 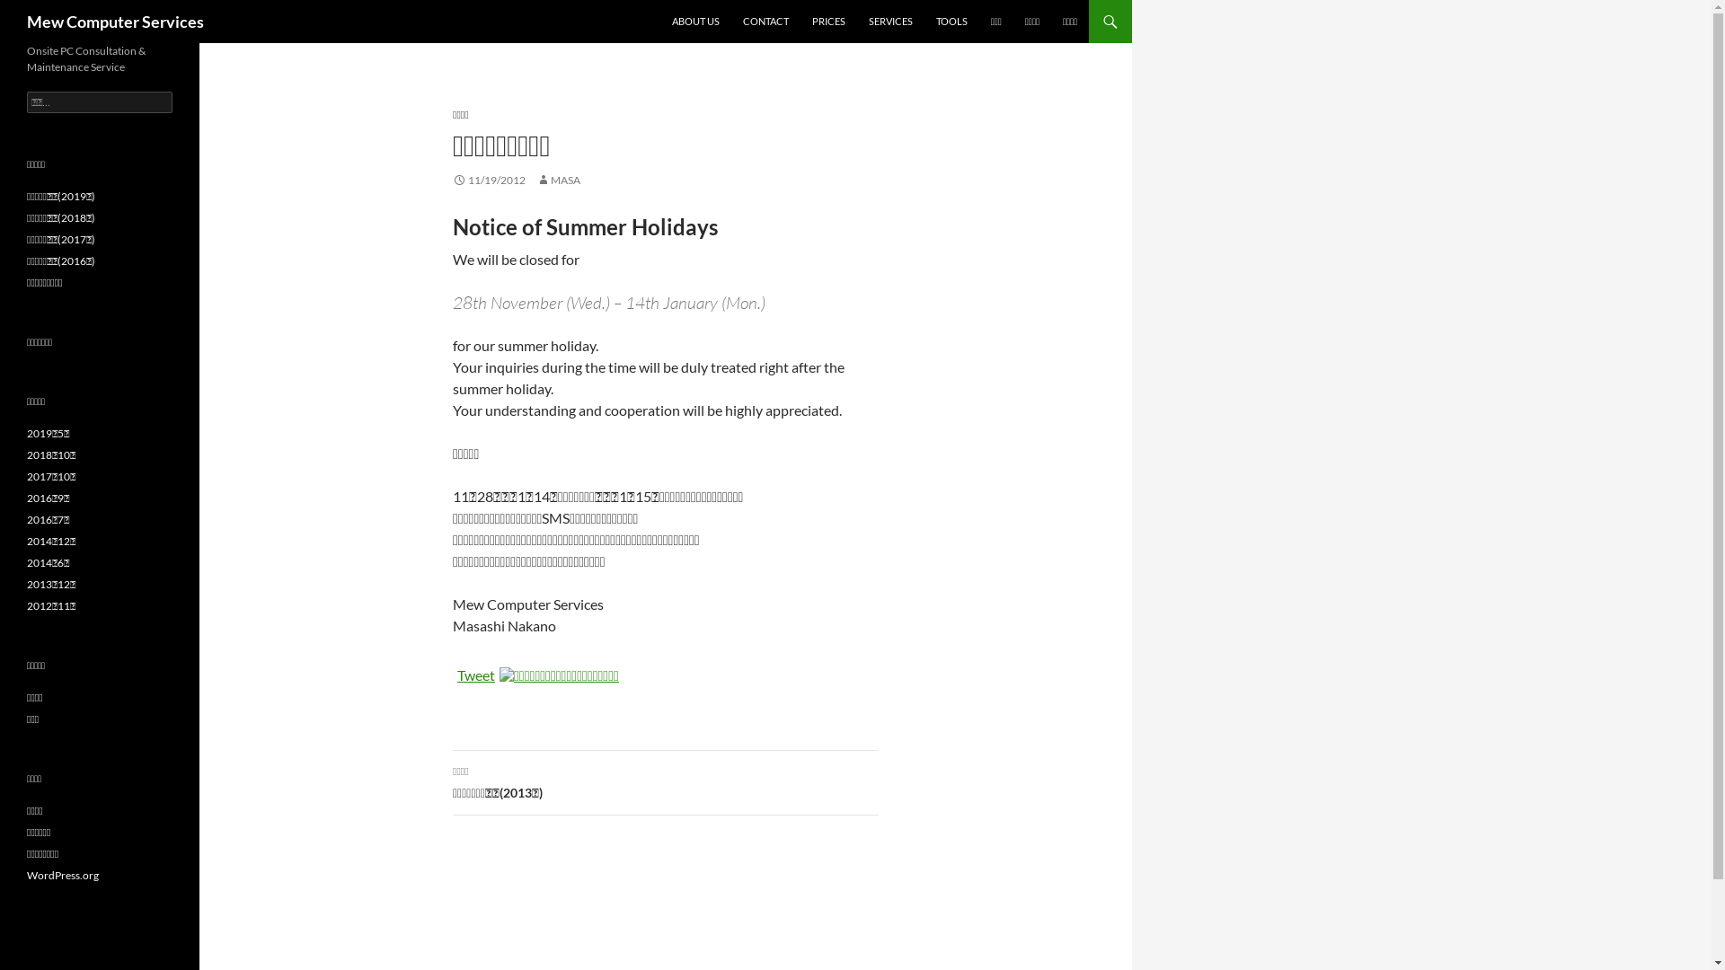 I want to click on 'Tweet', so click(x=475, y=675).